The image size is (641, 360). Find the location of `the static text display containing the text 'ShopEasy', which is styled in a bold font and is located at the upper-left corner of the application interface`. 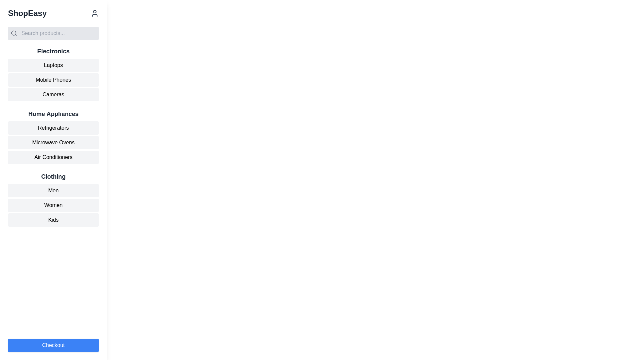

the static text display containing the text 'ShopEasy', which is styled in a bold font and is located at the upper-left corner of the application interface is located at coordinates (27, 13).